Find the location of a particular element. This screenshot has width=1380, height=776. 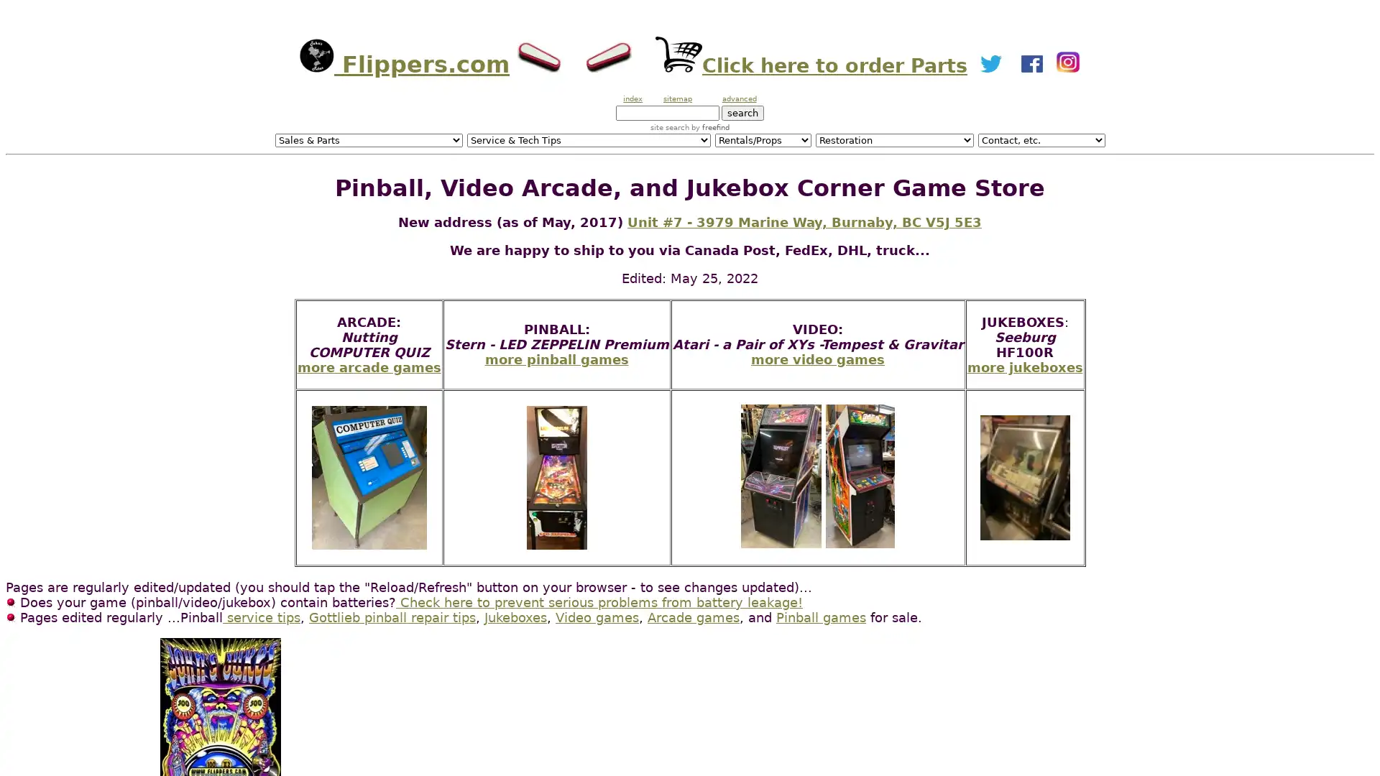

search is located at coordinates (742, 111).